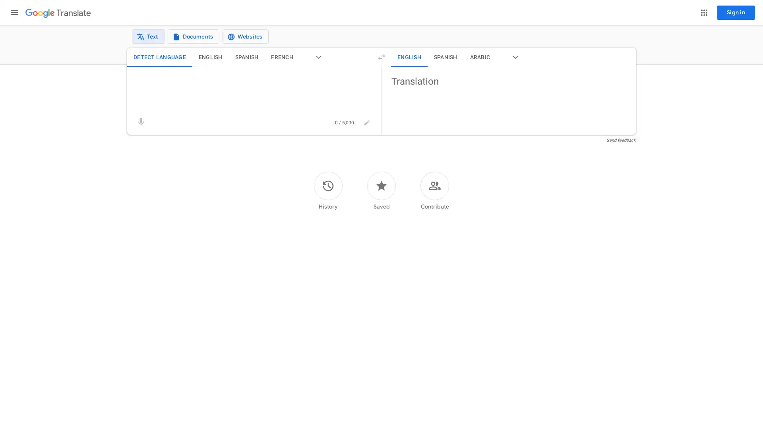 The width and height of the screenshot is (763, 429). Describe the element at coordinates (141, 126) in the screenshot. I see `Translate by voice` at that location.